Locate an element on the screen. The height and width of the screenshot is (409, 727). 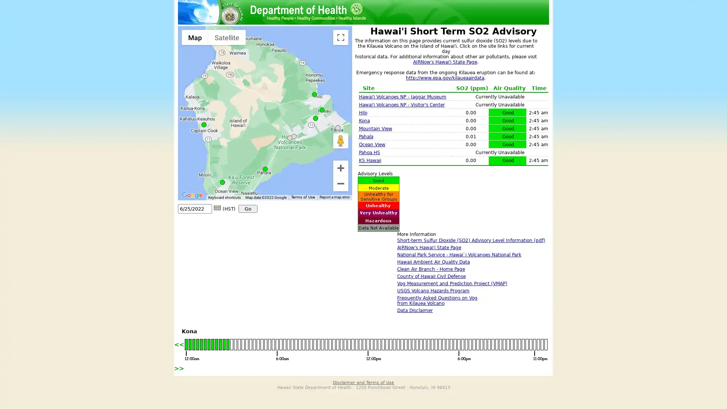
Toggle fullscreen view is located at coordinates (340, 37).